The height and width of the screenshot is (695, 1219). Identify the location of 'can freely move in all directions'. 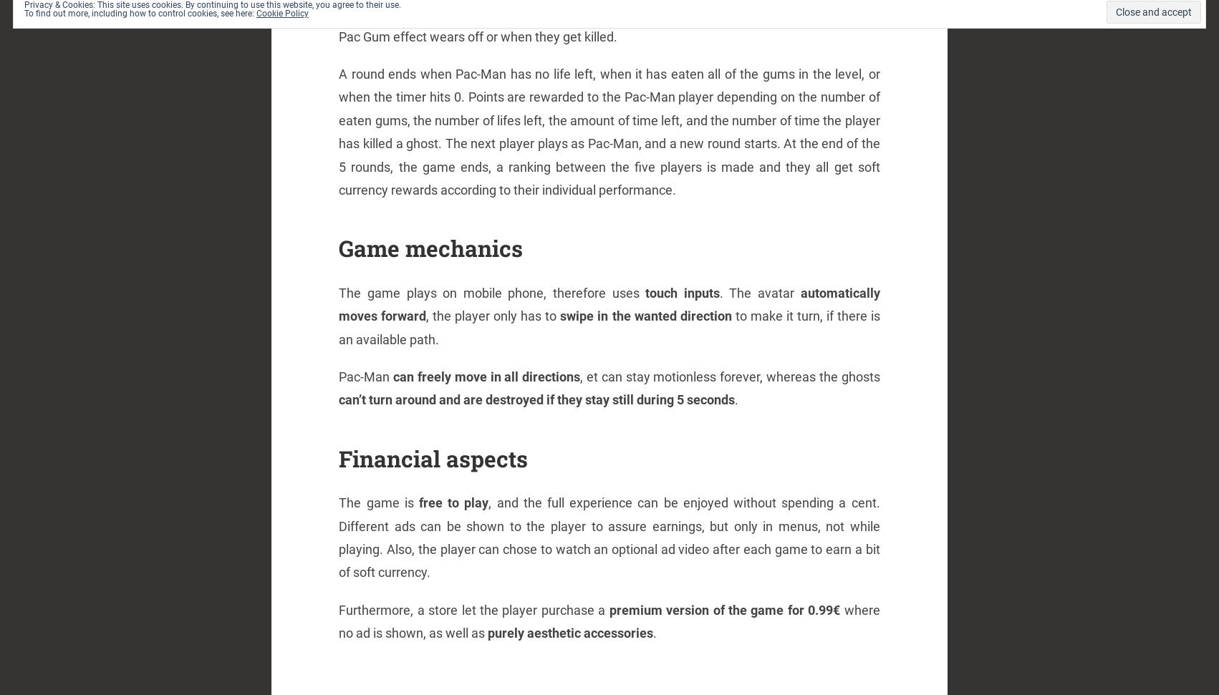
(486, 375).